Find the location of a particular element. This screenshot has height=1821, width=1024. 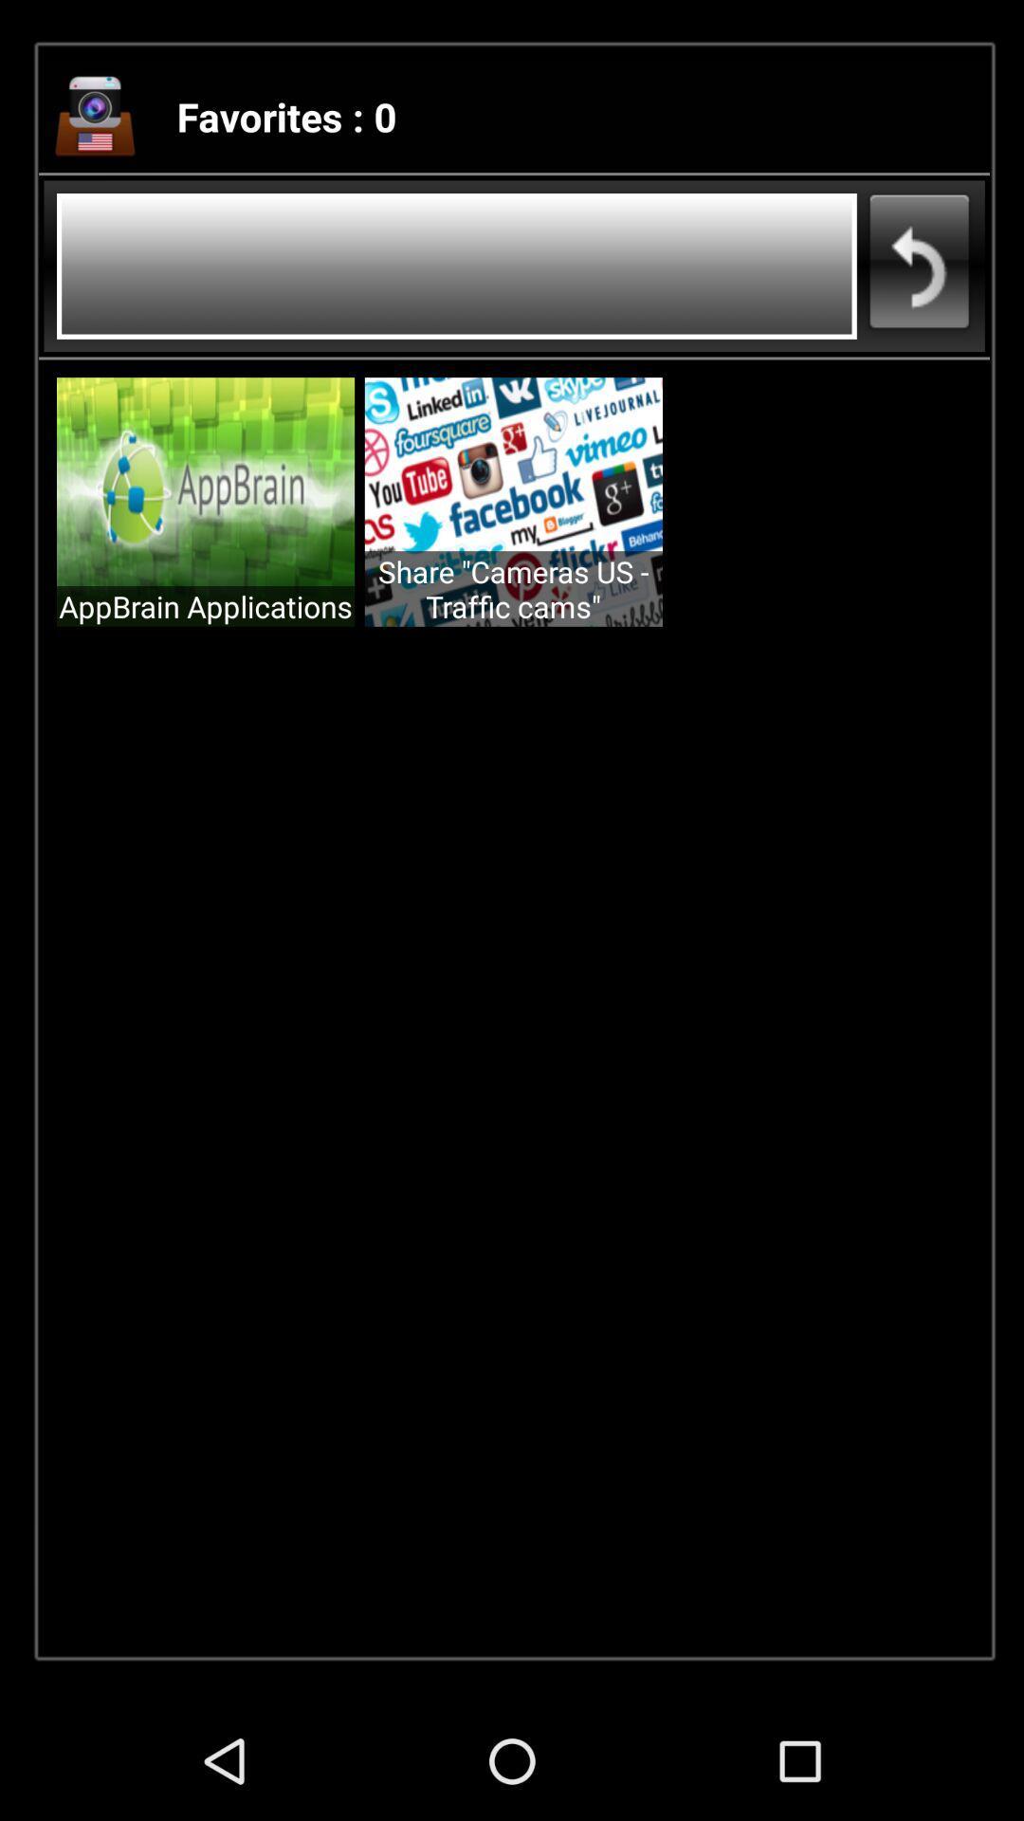

the undo icon is located at coordinates (918, 284).